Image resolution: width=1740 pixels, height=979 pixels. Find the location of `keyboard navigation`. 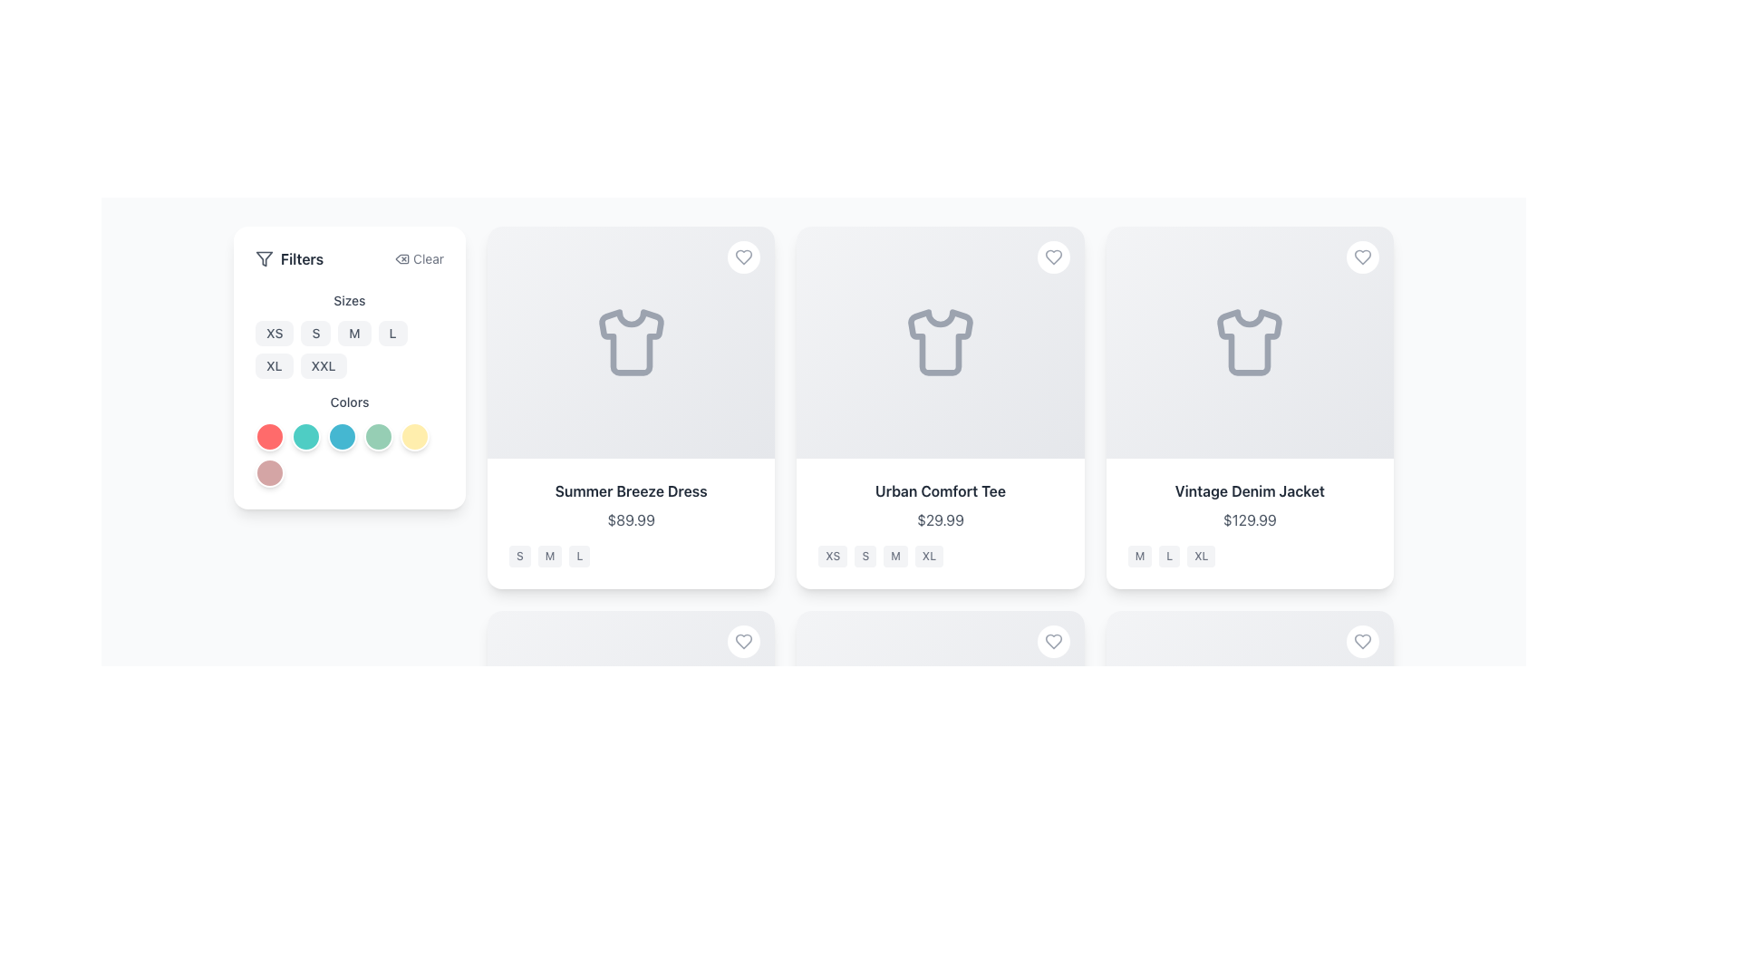

keyboard navigation is located at coordinates (349, 335).